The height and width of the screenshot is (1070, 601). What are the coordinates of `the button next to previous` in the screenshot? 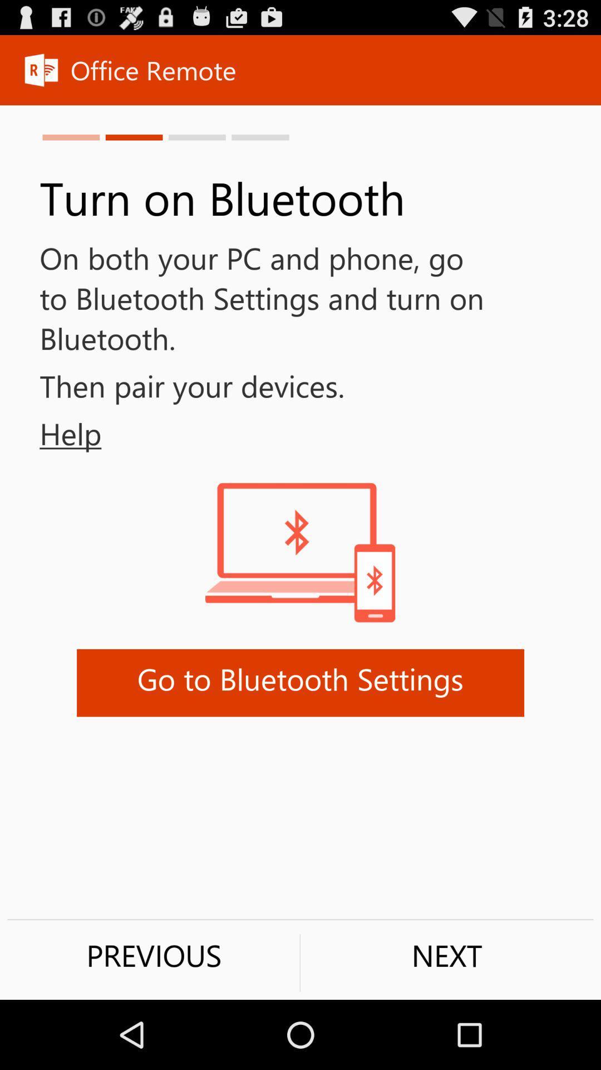 It's located at (446, 955).